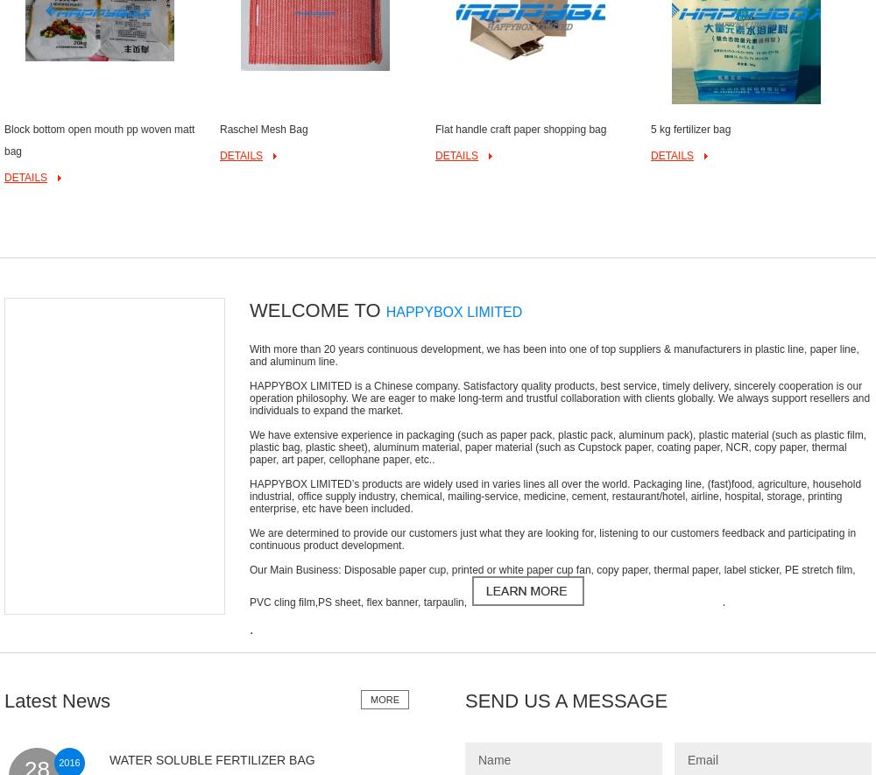  What do you see at coordinates (4, 139) in the screenshot?
I see `'Block bottom open mouth pp woven matt bag'` at bounding box center [4, 139].